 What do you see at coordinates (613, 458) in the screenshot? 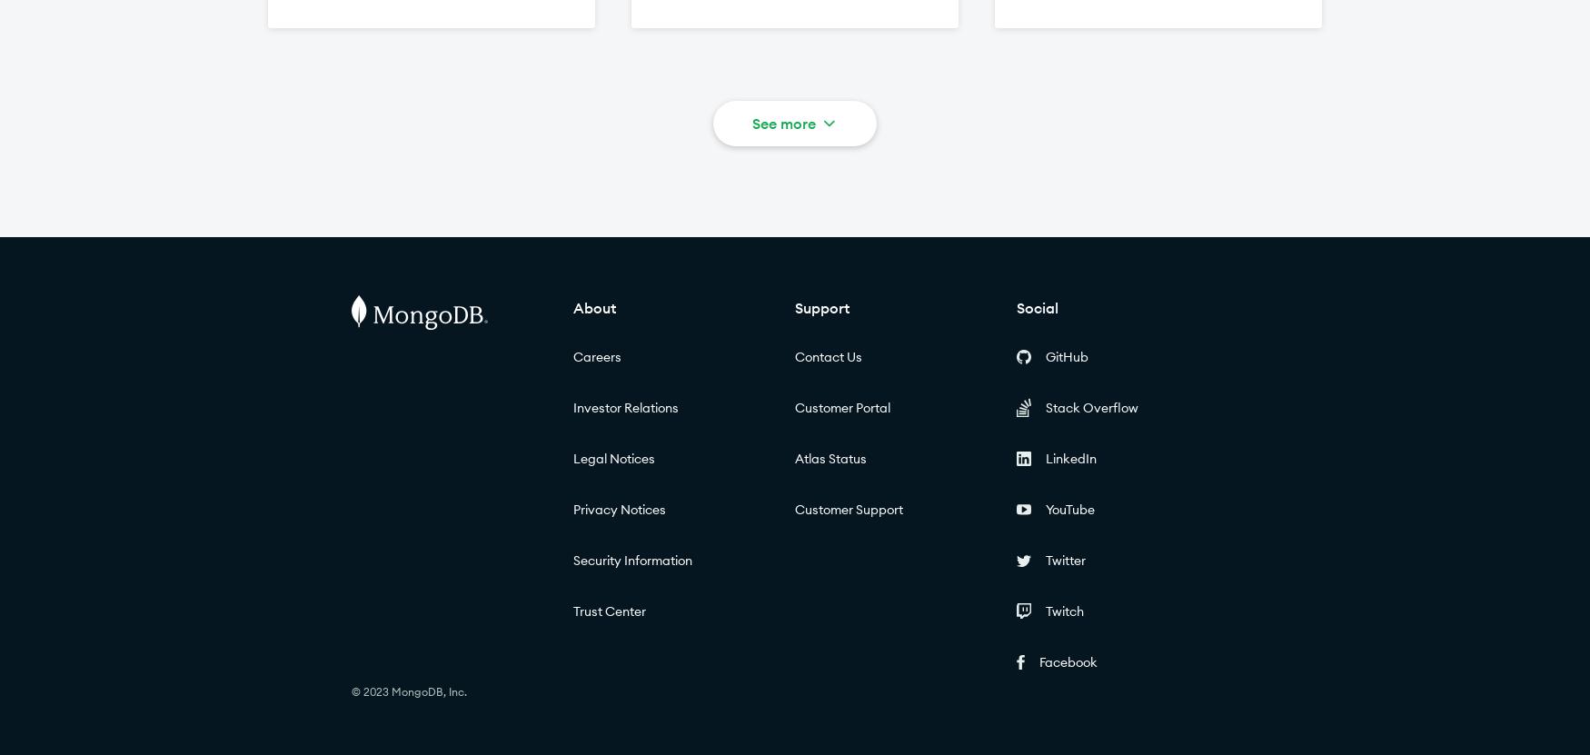
I see `'Legal Notices'` at bounding box center [613, 458].